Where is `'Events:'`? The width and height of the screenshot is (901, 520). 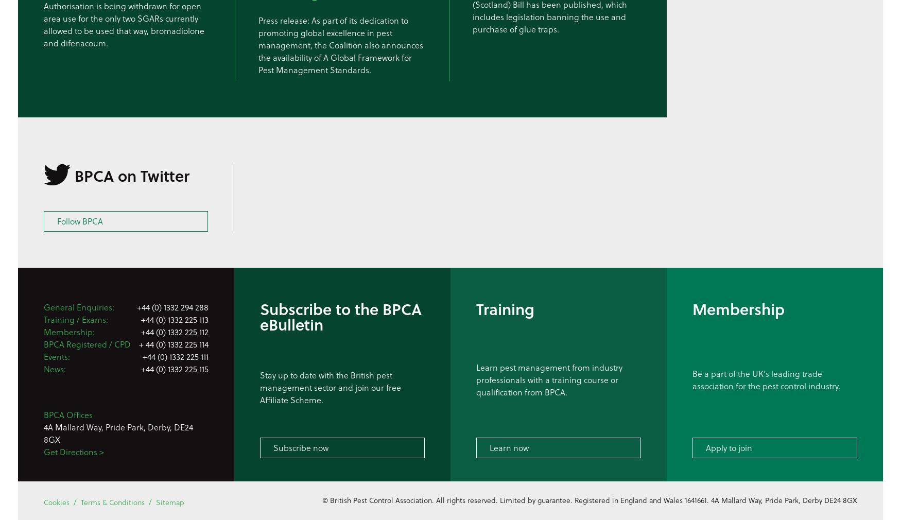 'Events:' is located at coordinates (57, 356).